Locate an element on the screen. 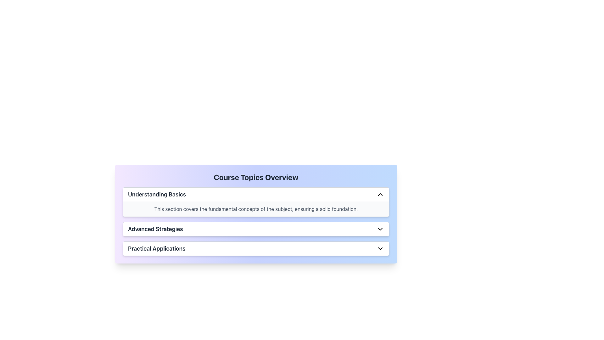 The image size is (604, 340). the 'Advanced Strategies' text label is located at coordinates (155, 229).